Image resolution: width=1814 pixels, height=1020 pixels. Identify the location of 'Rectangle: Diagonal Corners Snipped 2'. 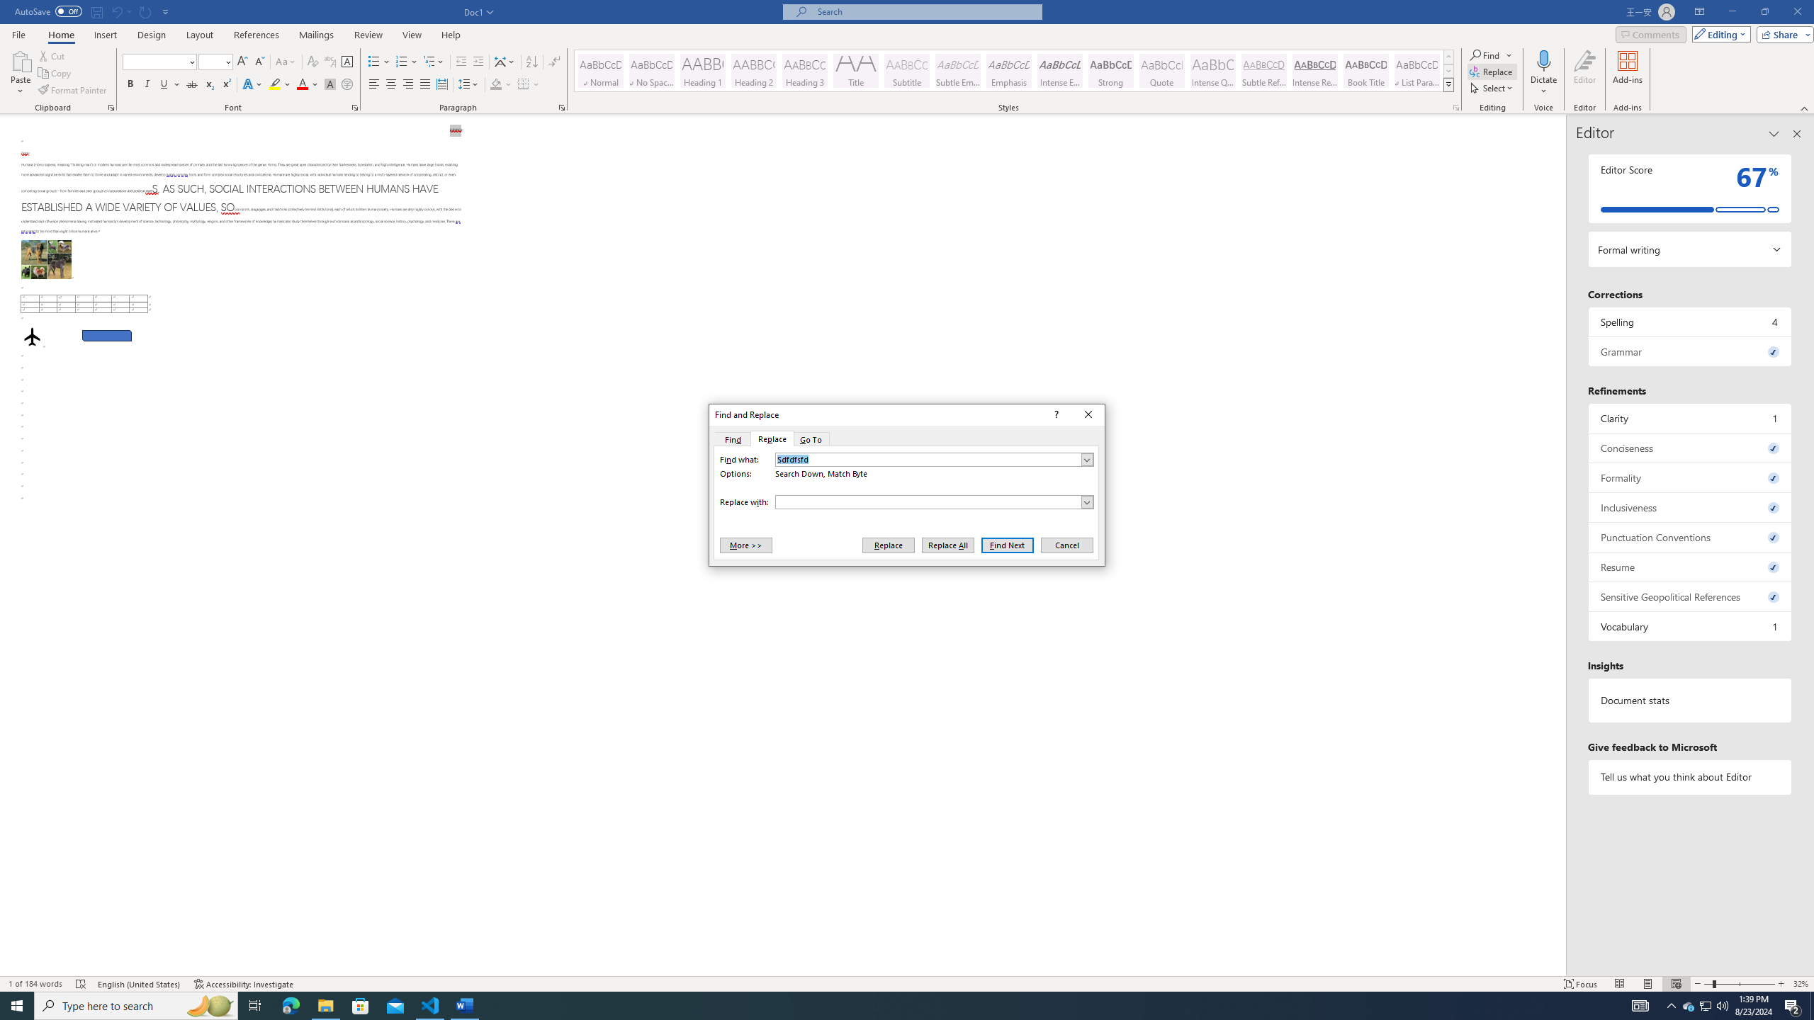
(106, 336).